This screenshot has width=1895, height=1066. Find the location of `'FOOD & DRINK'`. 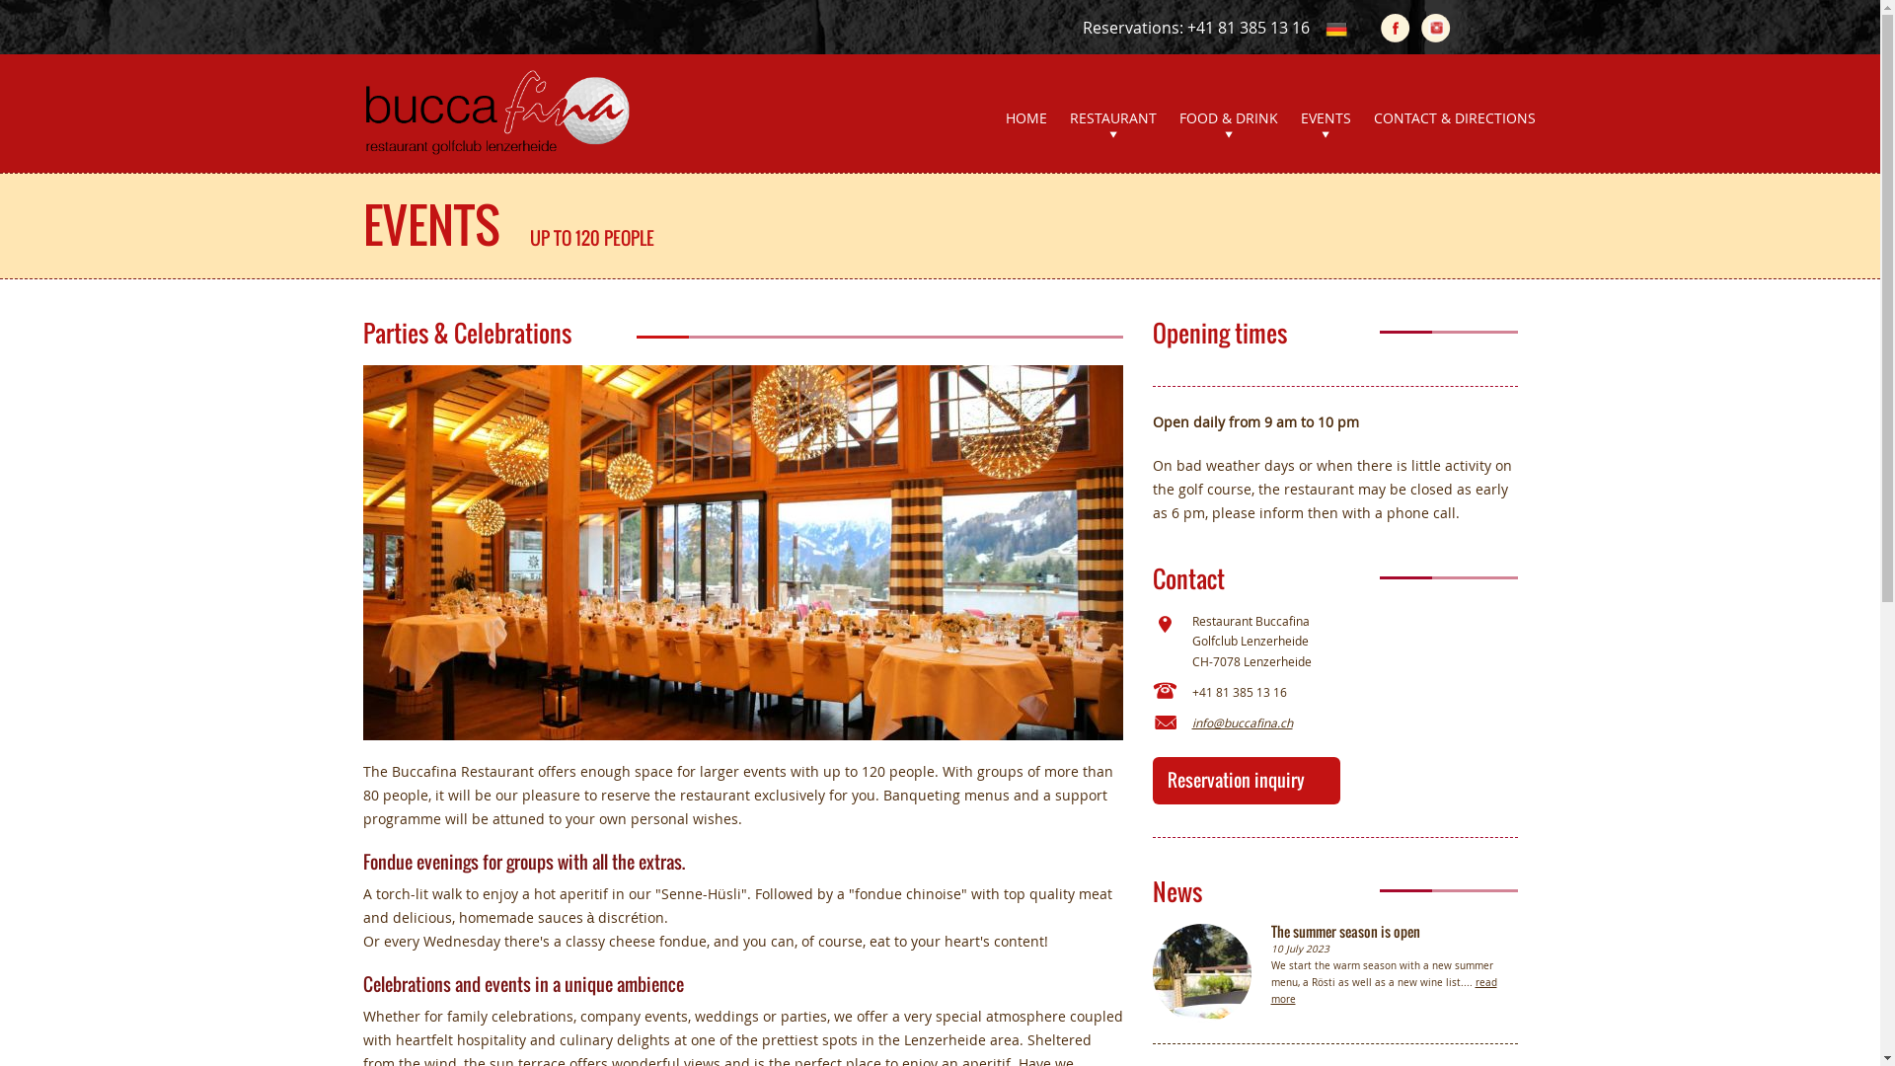

'FOOD & DRINK' is located at coordinates (1226, 128).